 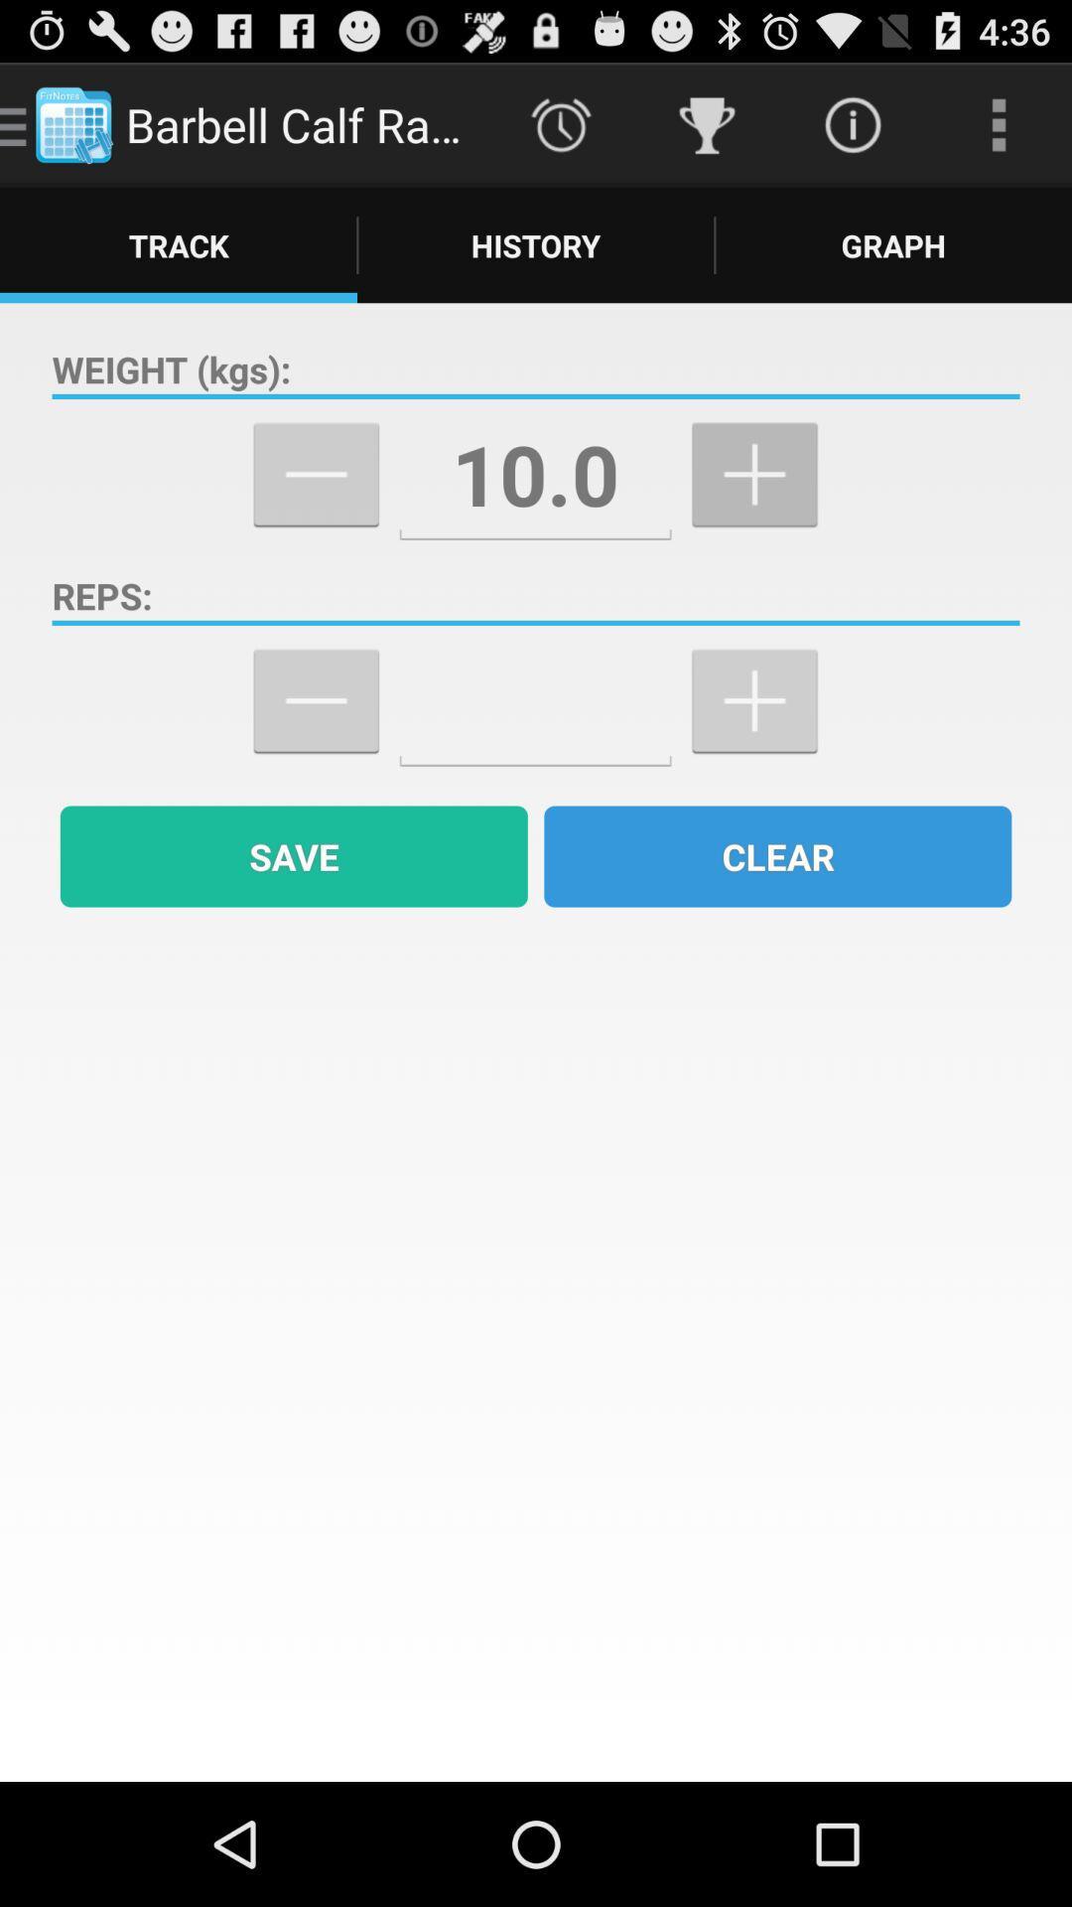 What do you see at coordinates (534, 701) in the screenshot?
I see `reps` at bounding box center [534, 701].